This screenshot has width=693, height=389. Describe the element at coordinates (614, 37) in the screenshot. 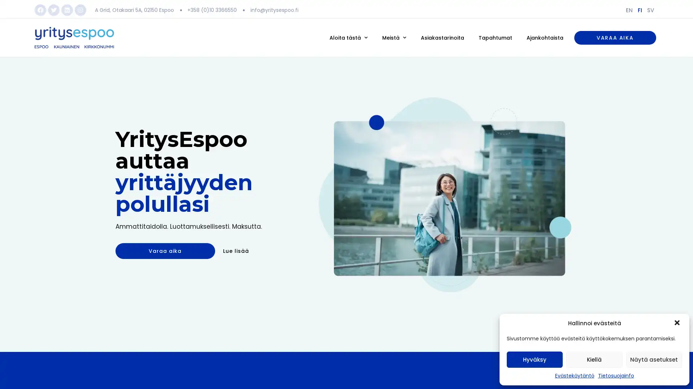

I see `VARAA AIKA` at that location.